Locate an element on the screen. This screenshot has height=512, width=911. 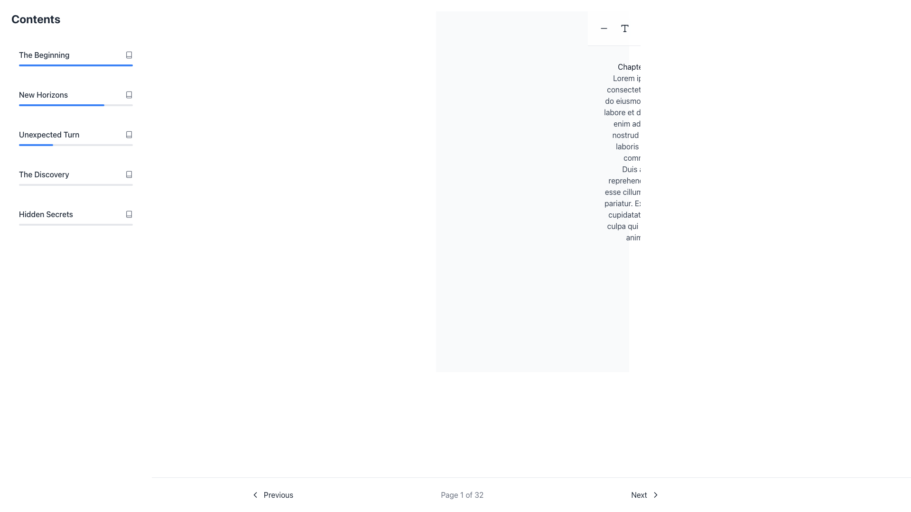
the first navigational list item in the 'Contents' section is located at coordinates (75, 58).